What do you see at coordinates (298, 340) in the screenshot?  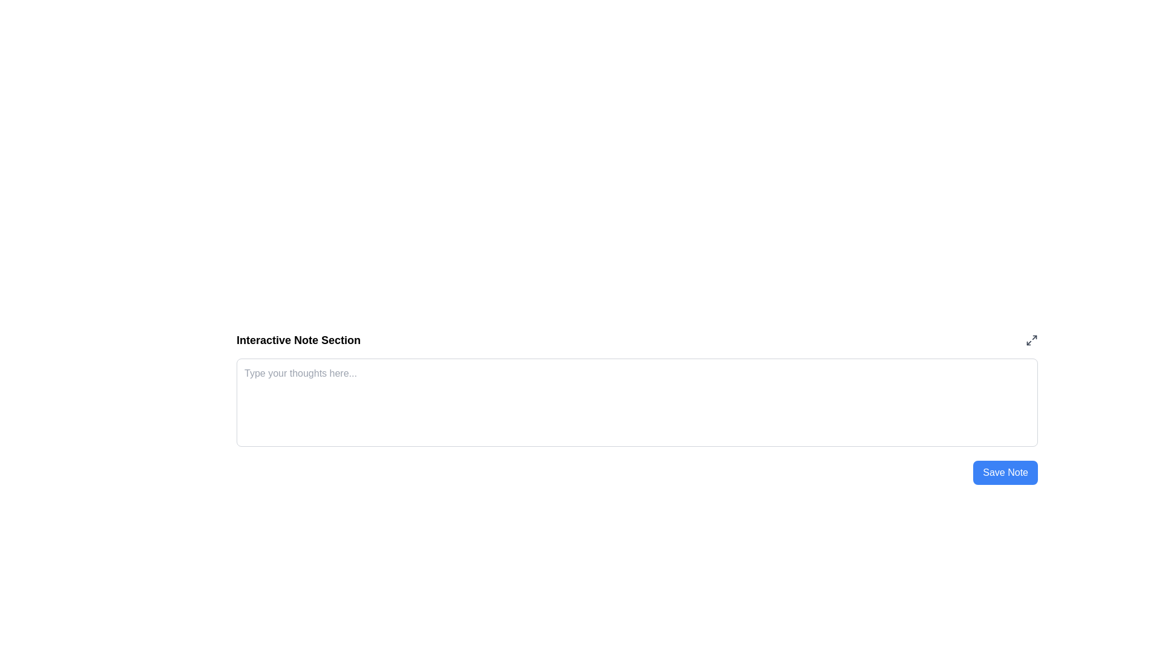 I see `the prominently styled header labeled 'Interactive Note Section', which is positioned above a text input field` at bounding box center [298, 340].